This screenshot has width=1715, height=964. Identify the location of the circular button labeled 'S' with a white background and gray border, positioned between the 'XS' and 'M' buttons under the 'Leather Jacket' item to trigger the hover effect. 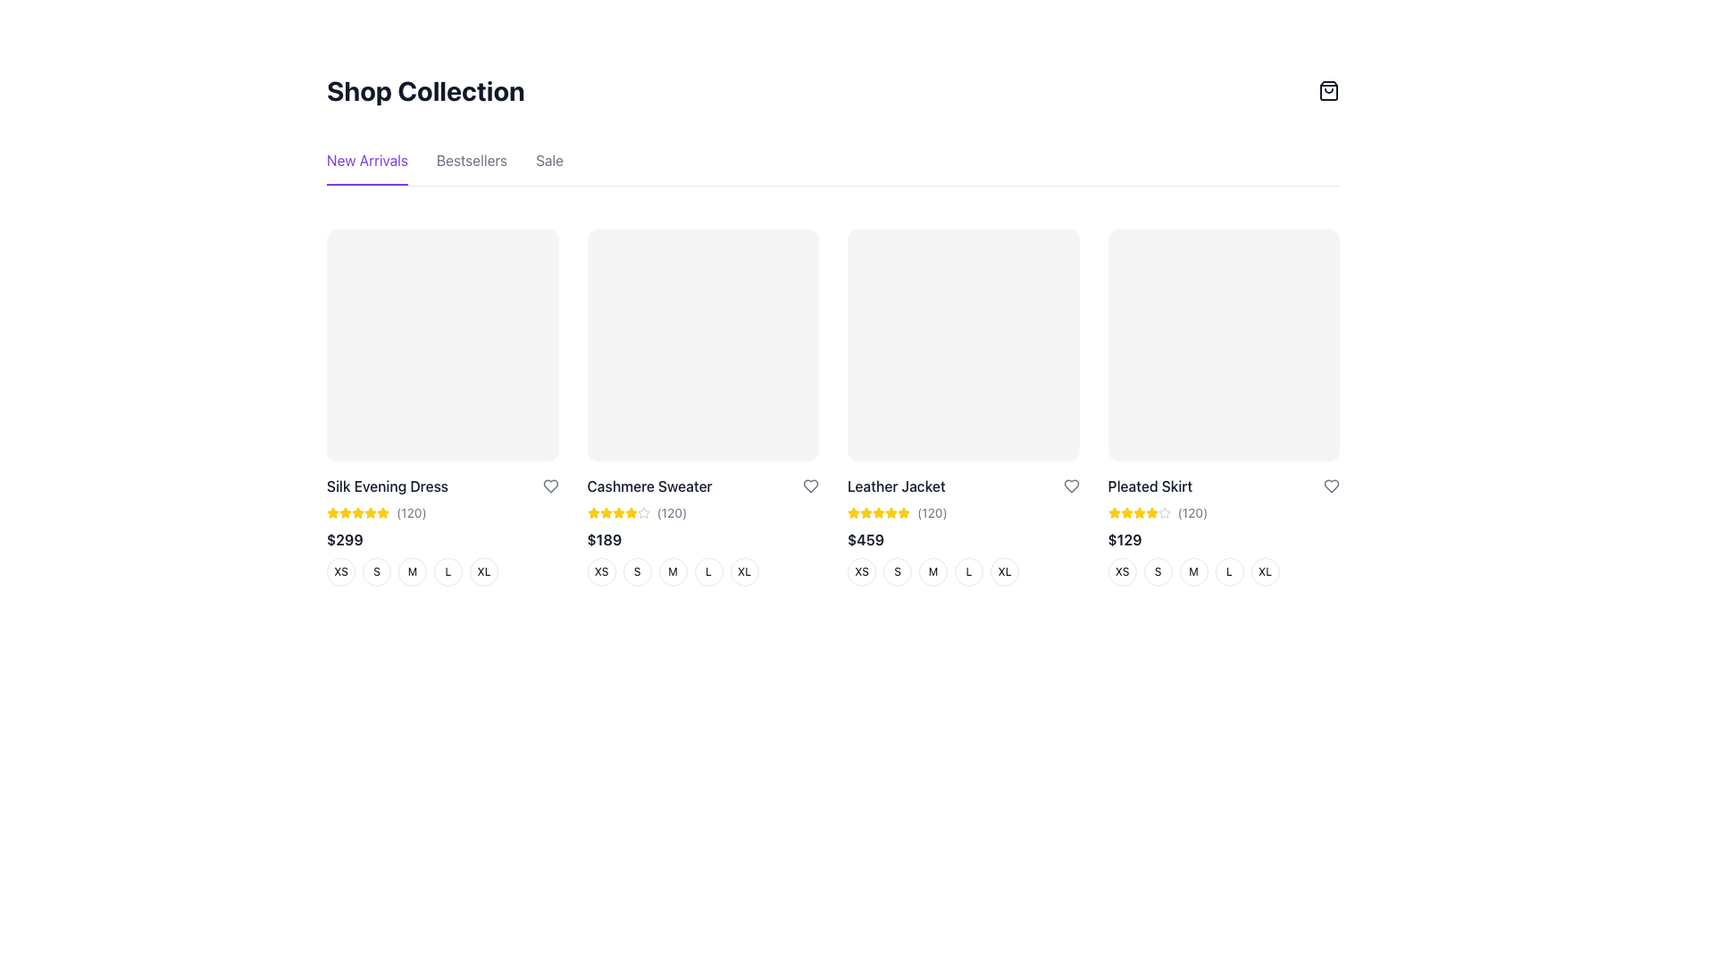
(897, 571).